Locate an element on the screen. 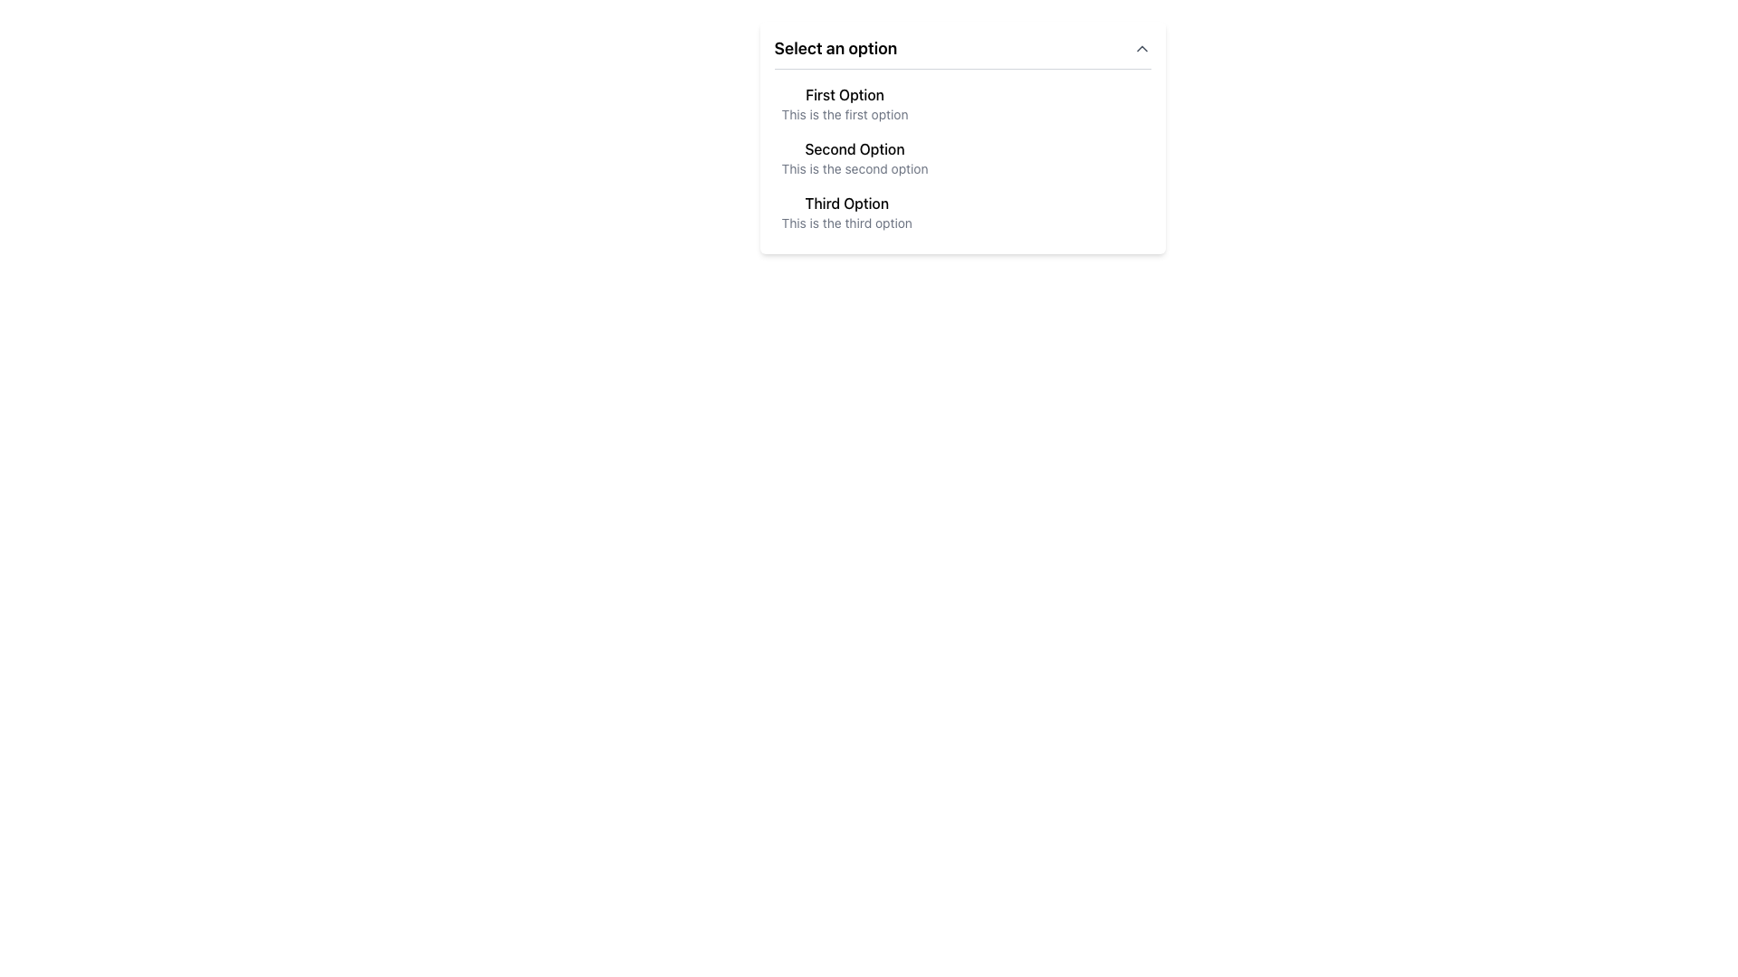 Image resolution: width=1738 pixels, height=977 pixels. the first list item that displays the option title and description is located at coordinates (961, 104).